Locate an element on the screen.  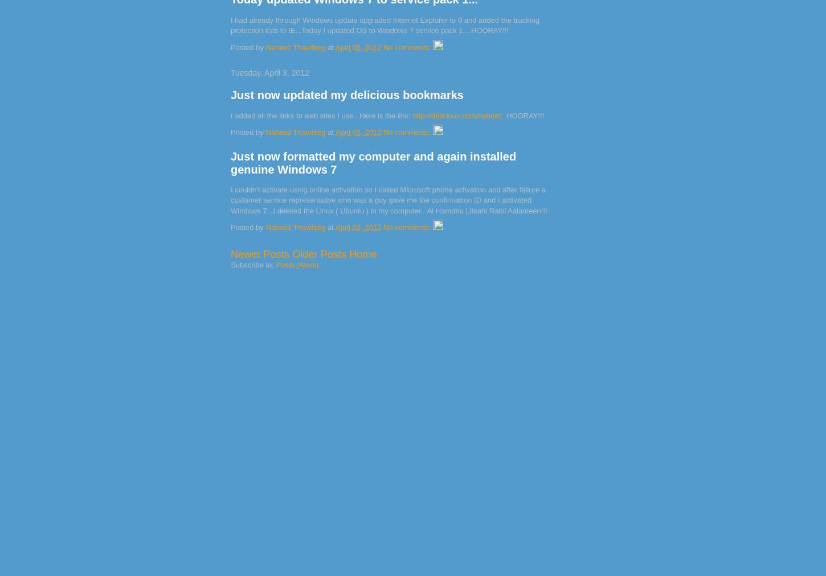
'Just now updated my delicious bookmarks' is located at coordinates (346, 94).